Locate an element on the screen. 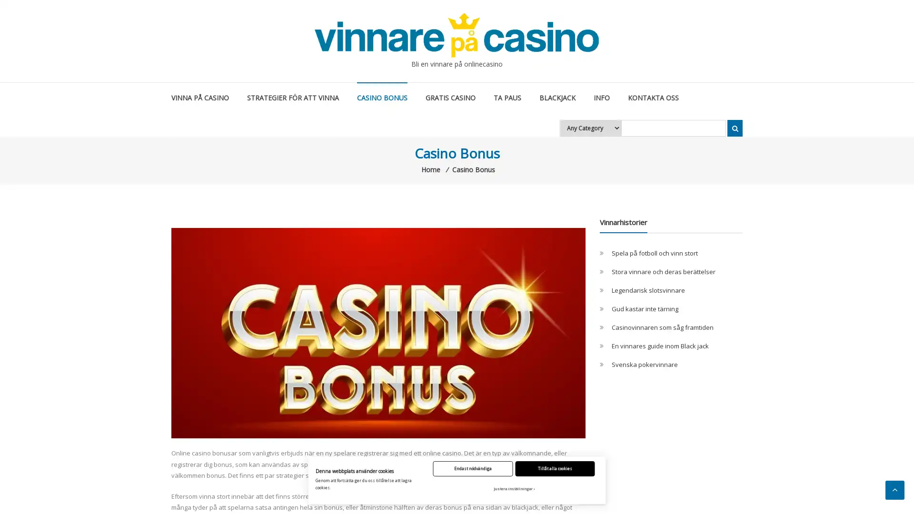 This screenshot has height=514, width=914. Justera installningar is located at coordinates (513, 489).